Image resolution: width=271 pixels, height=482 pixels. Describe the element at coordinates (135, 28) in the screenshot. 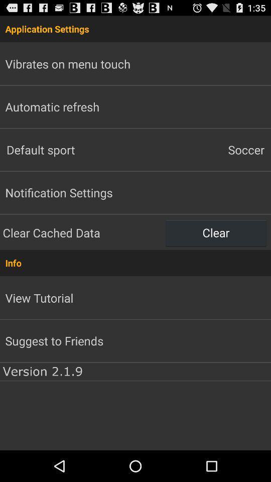

I see `the application settings app` at that location.